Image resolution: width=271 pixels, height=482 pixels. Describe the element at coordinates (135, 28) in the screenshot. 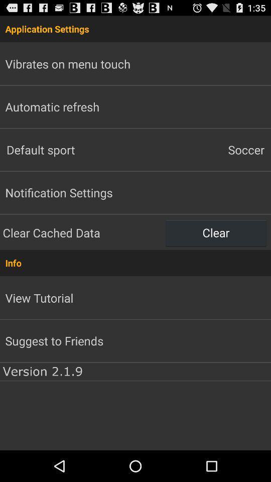

I see `the application settings app` at that location.